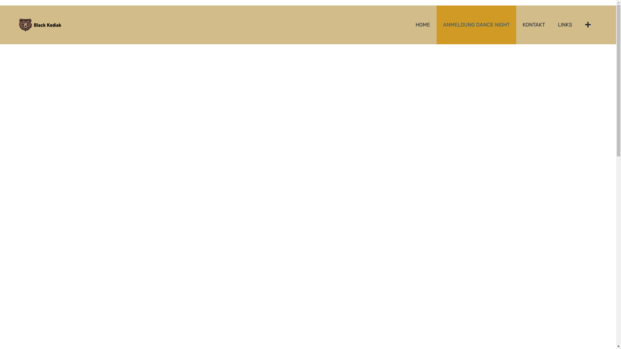 The width and height of the screenshot is (621, 349). I want to click on 'Sliding Bar umschalten', so click(588, 25).